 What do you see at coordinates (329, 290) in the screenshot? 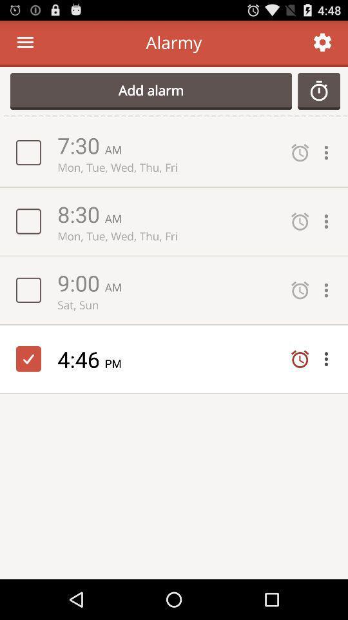
I see `edit alarm details` at bounding box center [329, 290].